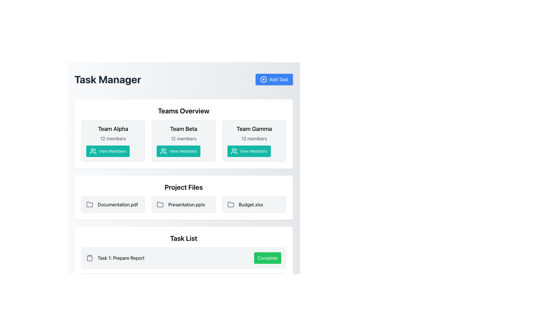 Image resolution: width=552 pixels, height=310 pixels. What do you see at coordinates (251, 204) in the screenshot?
I see `the text label that reads 'Budget.xlsx'` at bounding box center [251, 204].